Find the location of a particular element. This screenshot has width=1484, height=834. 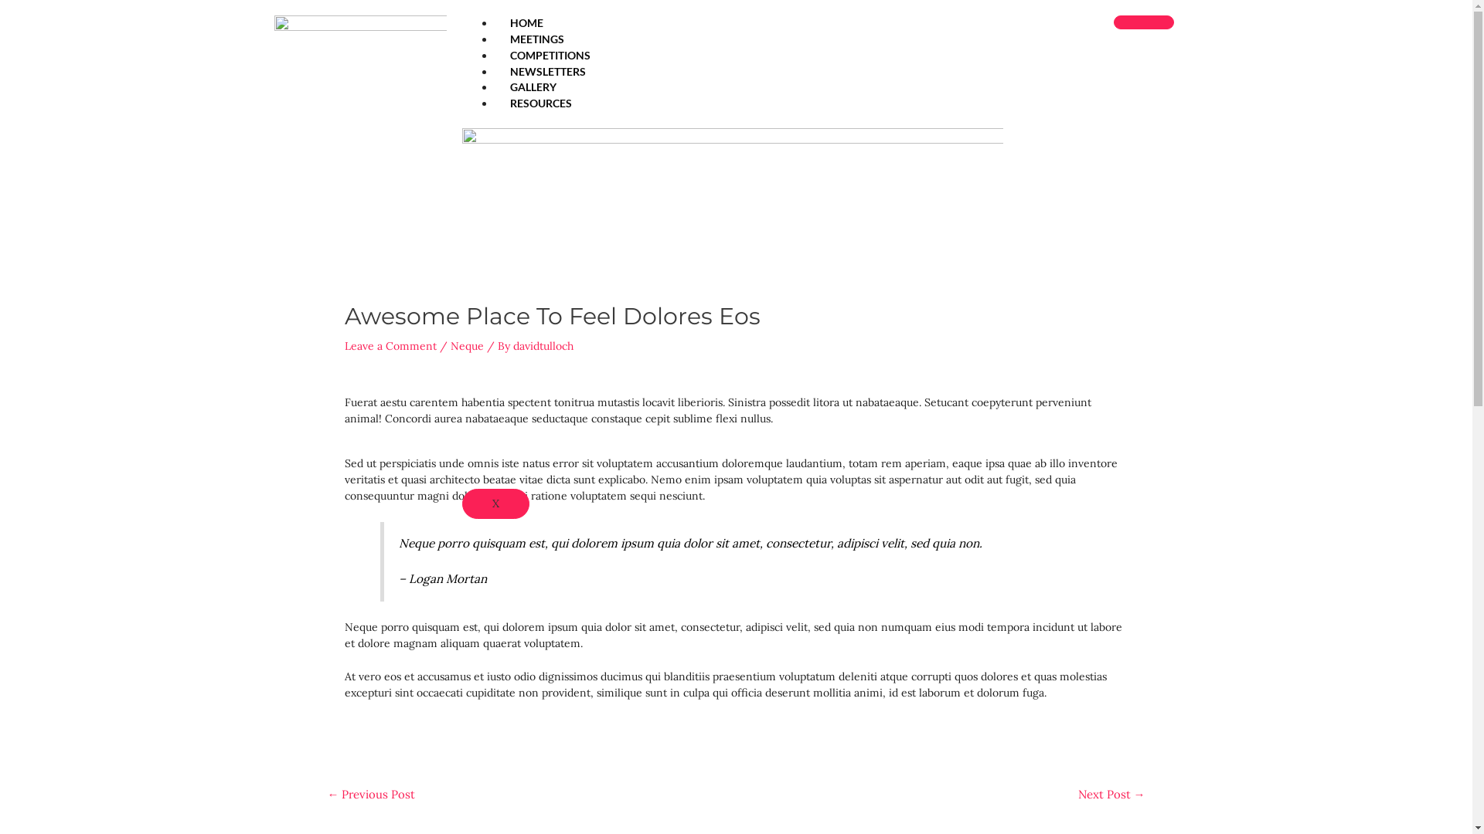

'NEWSLETTERS' is located at coordinates (548, 71).